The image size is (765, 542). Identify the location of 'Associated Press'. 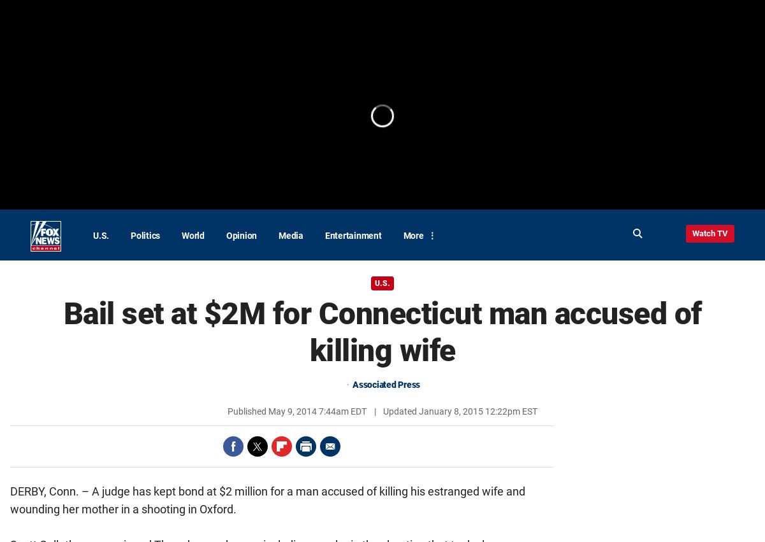
(351, 385).